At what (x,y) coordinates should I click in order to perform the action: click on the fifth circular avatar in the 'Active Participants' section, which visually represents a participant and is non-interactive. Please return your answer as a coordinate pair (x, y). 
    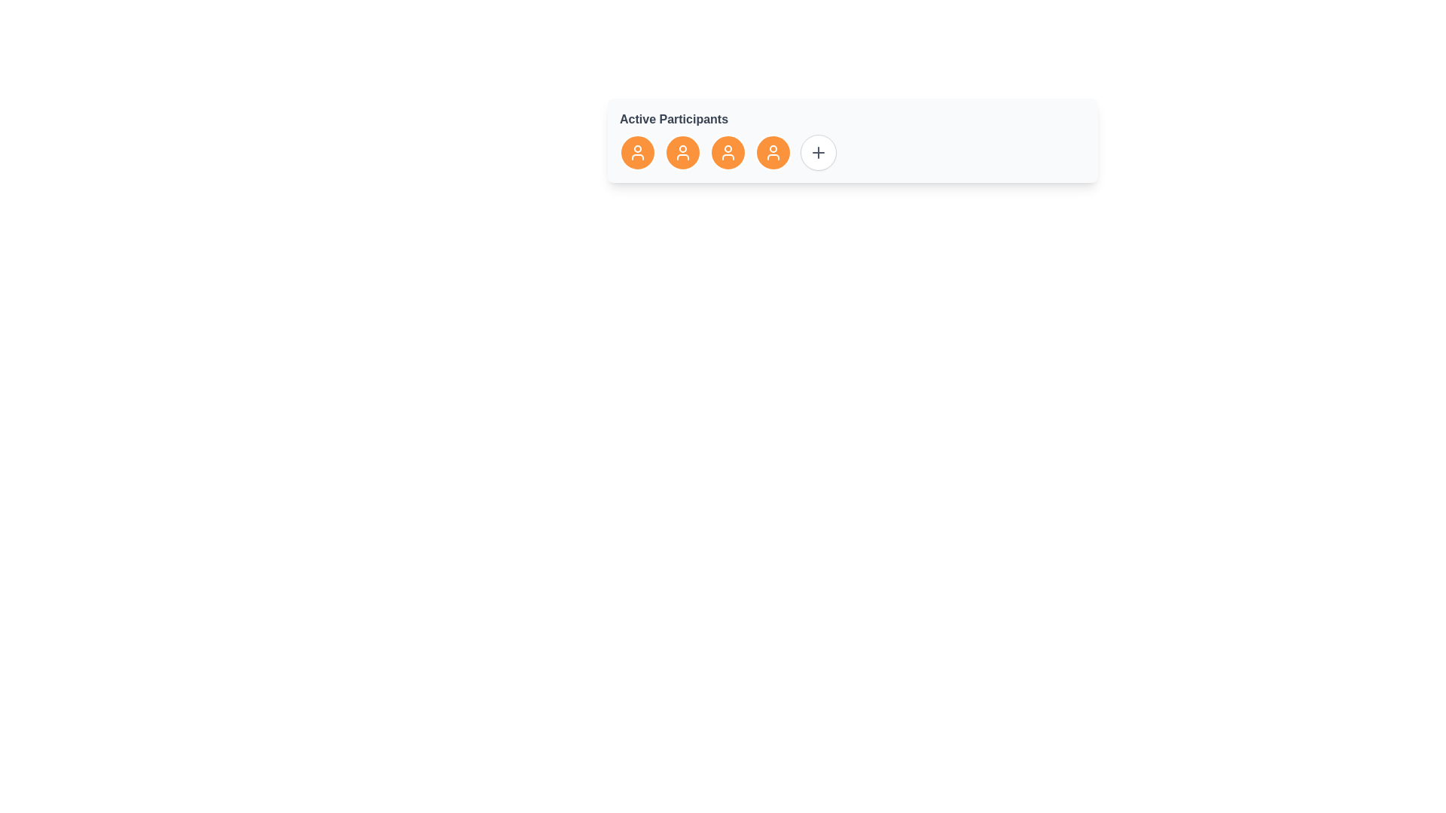
    Looking at the image, I should click on (773, 153).